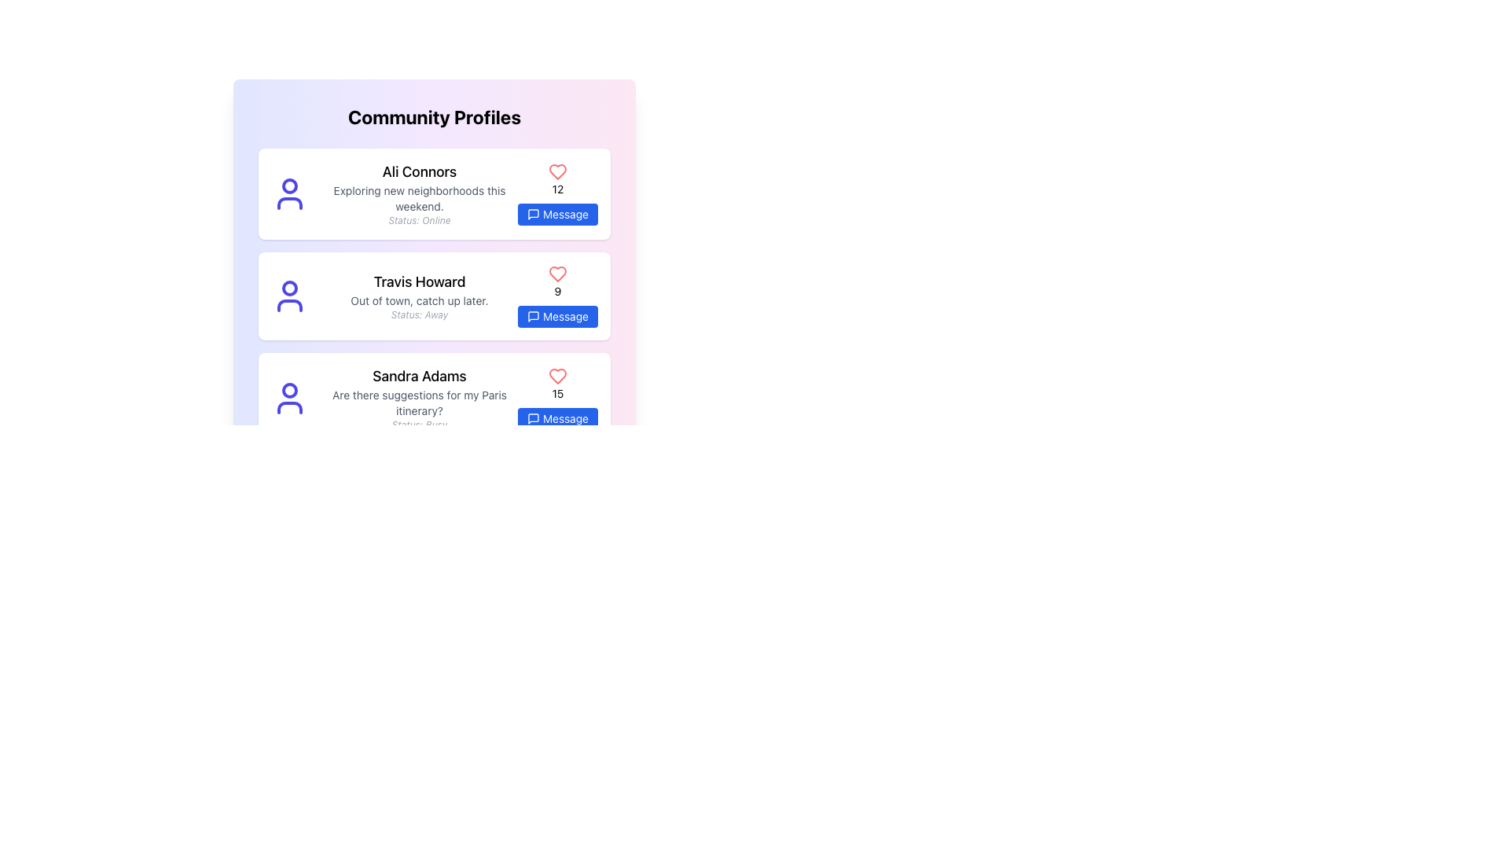  I want to click on the static text displaying the count of likes or favorites for the associated profile in the first profile card under the 'Community Profiles' section, located beneath the red heart icon and above the 'Message' button, so click(558, 188).